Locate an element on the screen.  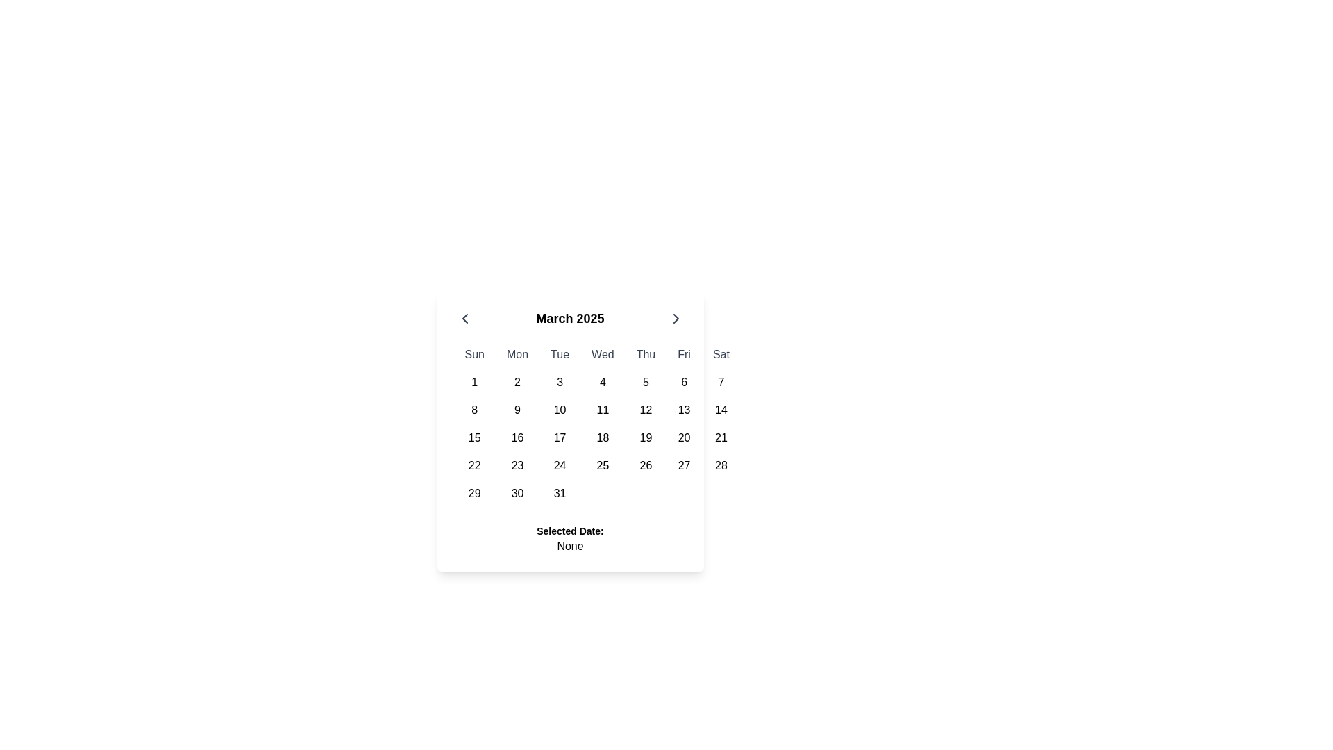
the button with an embedded icon located at the top-right corner of the calendar widget to observe hover effects is located at coordinates (676, 319).